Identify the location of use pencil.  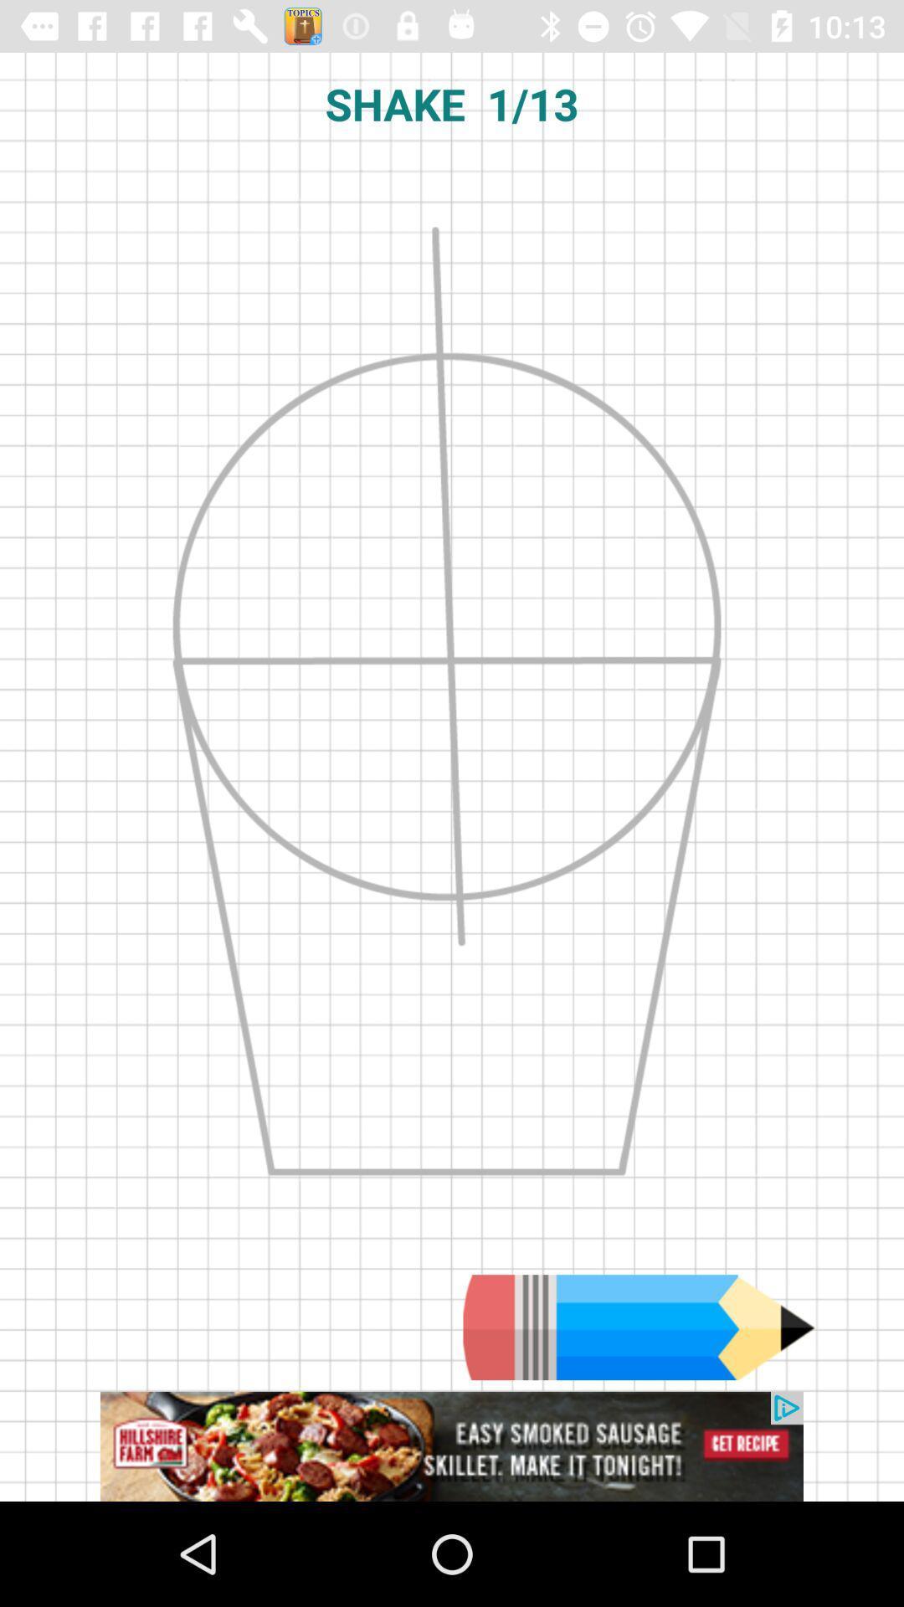
(639, 1327).